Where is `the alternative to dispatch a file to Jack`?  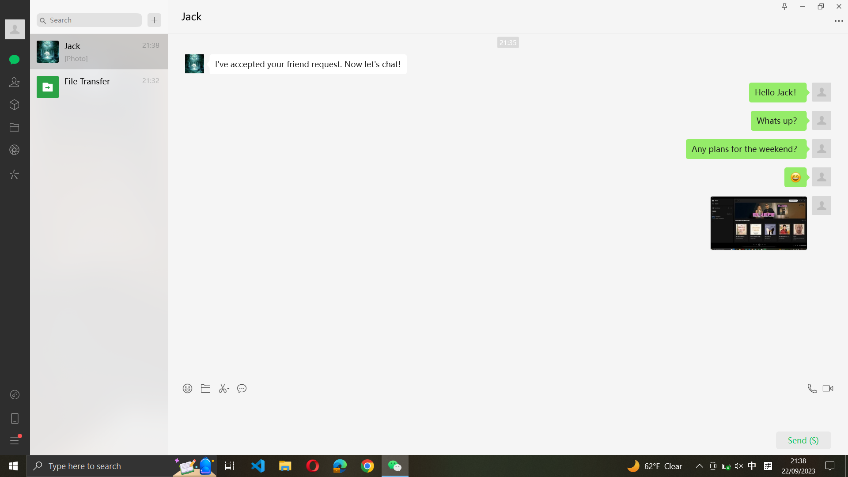
the alternative to dispatch a file to Jack is located at coordinates (206, 386).